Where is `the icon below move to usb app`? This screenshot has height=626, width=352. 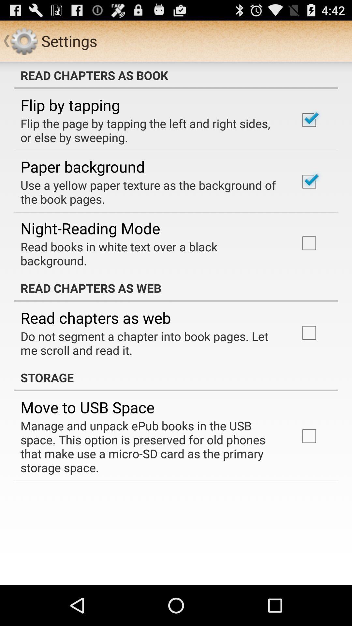
the icon below move to usb app is located at coordinates (151, 446).